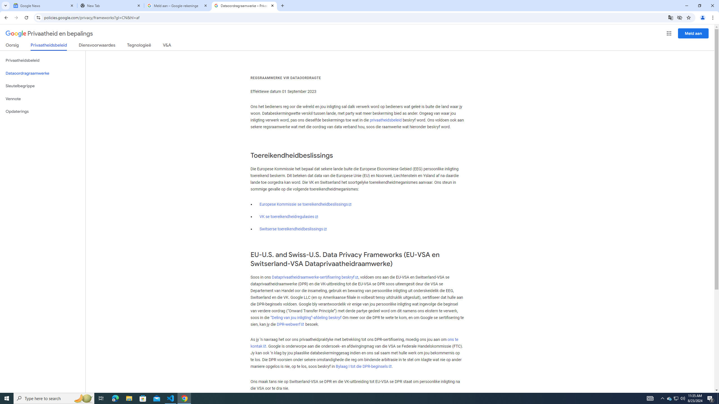 This screenshot has height=404, width=719. Describe the element at coordinates (693, 33) in the screenshot. I see `'Meld aan'` at that location.